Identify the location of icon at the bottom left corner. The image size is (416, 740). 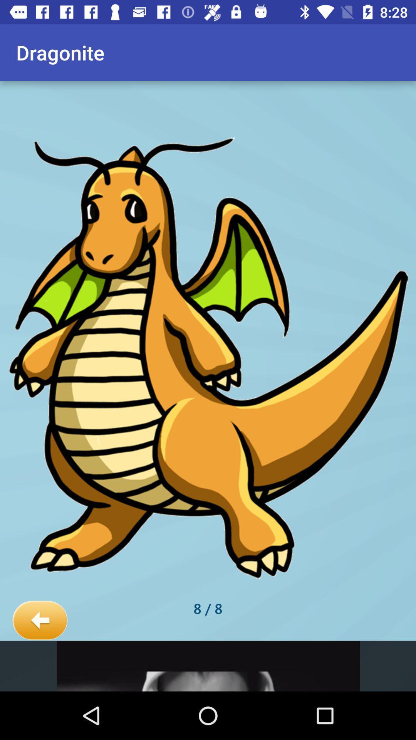
(40, 621).